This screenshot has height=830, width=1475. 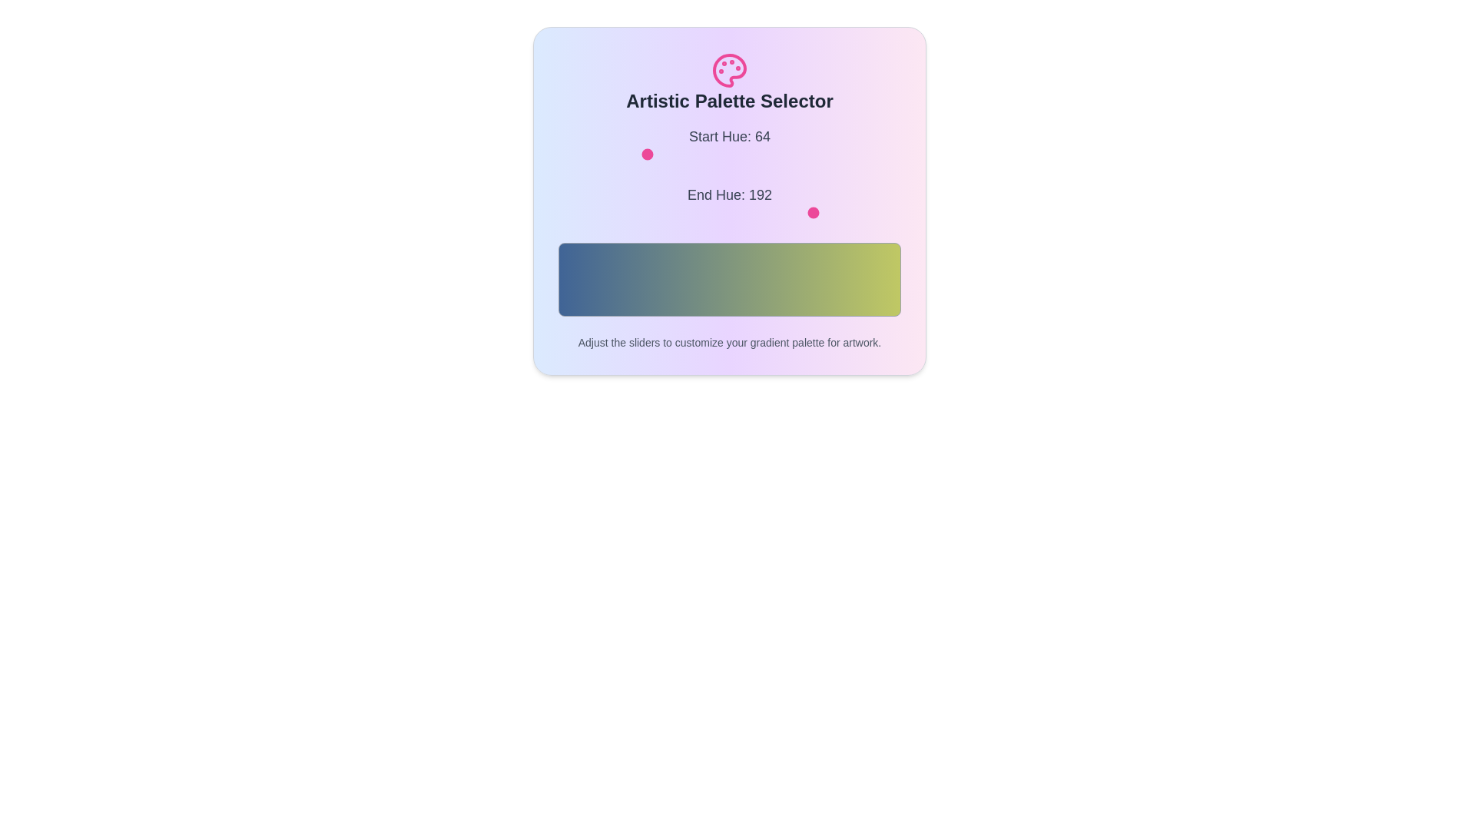 I want to click on the hue slider to set the hue value to 185, so click(x=806, y=154).